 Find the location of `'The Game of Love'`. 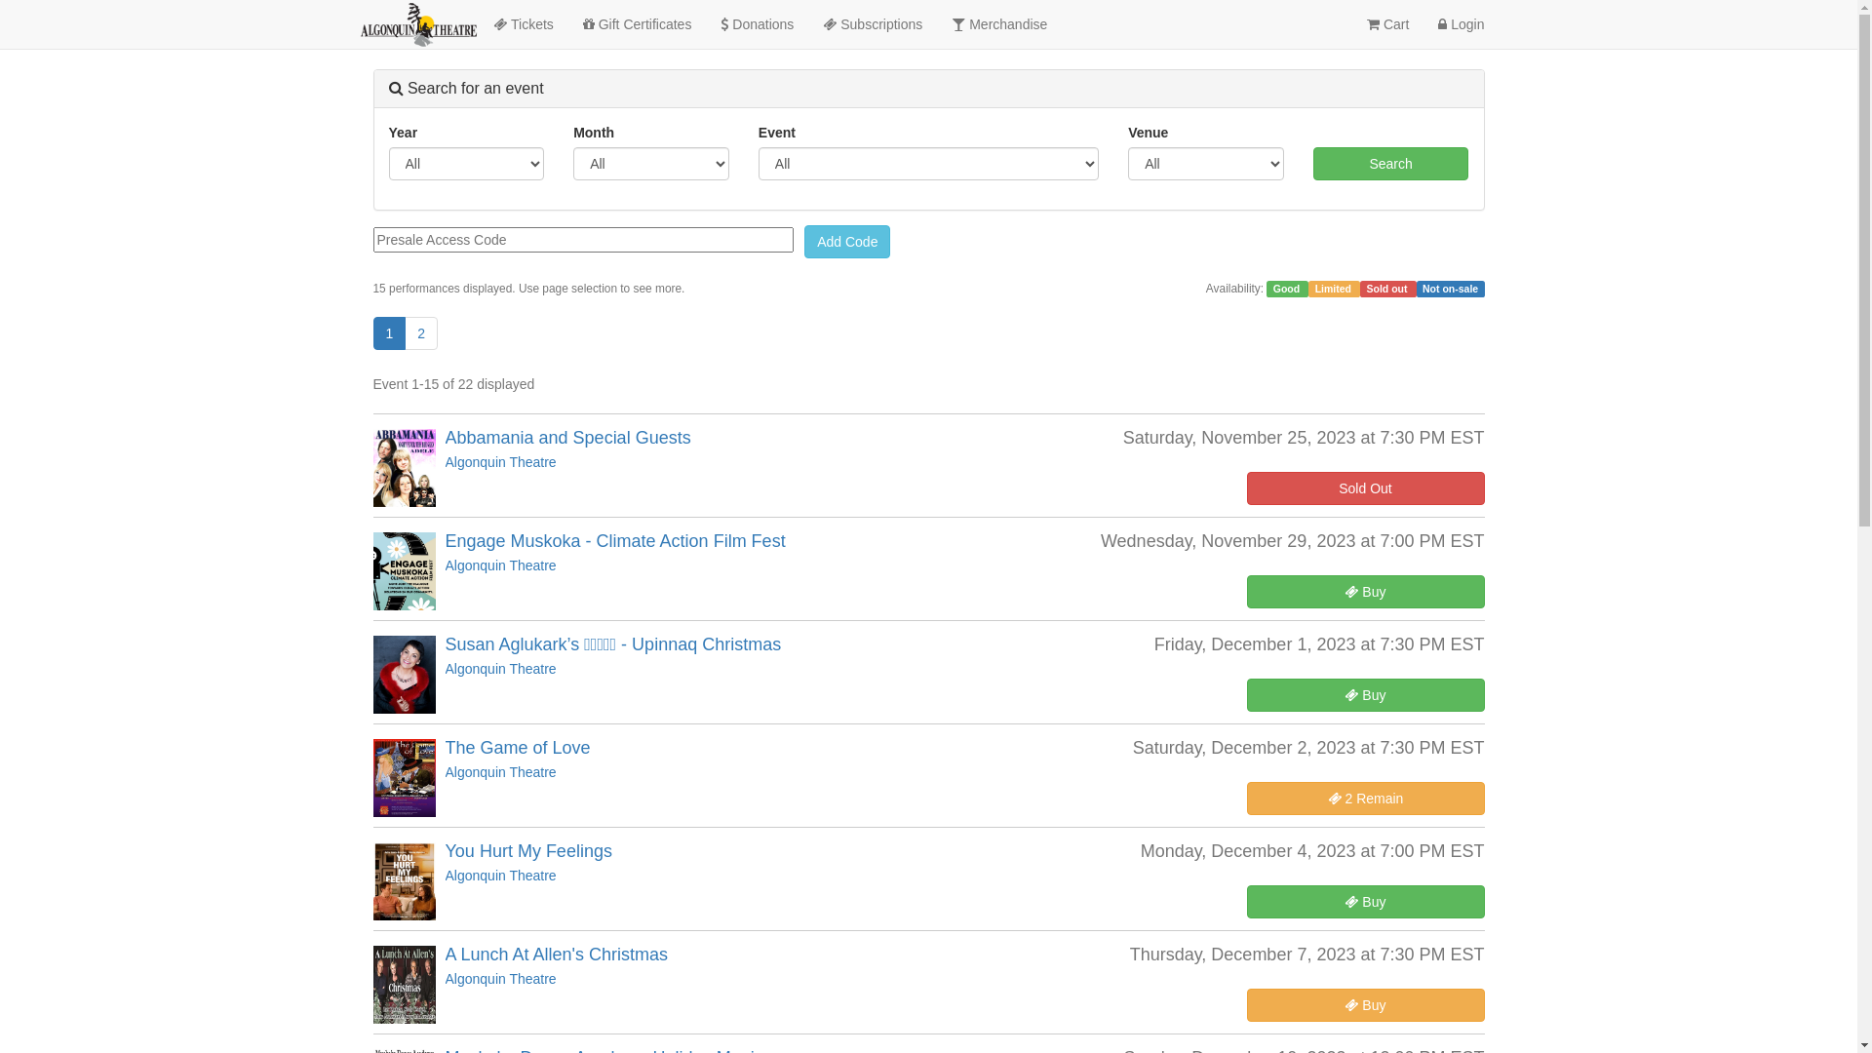

'The Game of Love' is located at coordinates (517, 747).